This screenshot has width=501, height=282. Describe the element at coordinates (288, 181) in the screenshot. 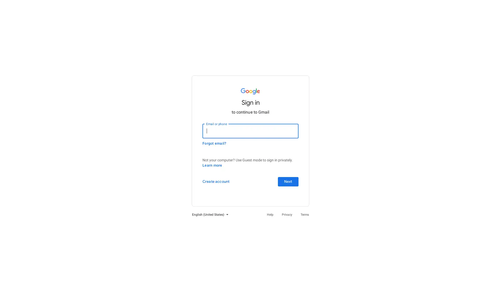

I see `Next` at that location.